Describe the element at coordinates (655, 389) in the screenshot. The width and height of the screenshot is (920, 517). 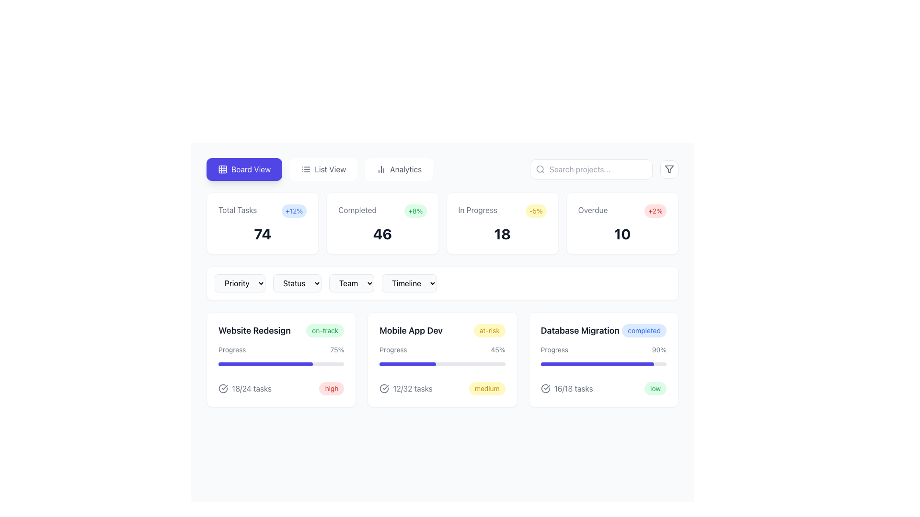
I see `label of the badge indicating the status of the task in the bottom-right corner of the 'Database Migration' card, which shows 'low'` at that location.